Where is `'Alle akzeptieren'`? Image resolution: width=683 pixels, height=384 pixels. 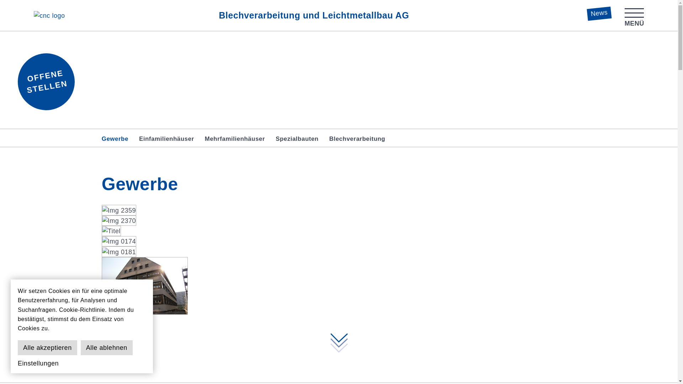 'Alle akzeptieren' is located at coordinates (47, 347).